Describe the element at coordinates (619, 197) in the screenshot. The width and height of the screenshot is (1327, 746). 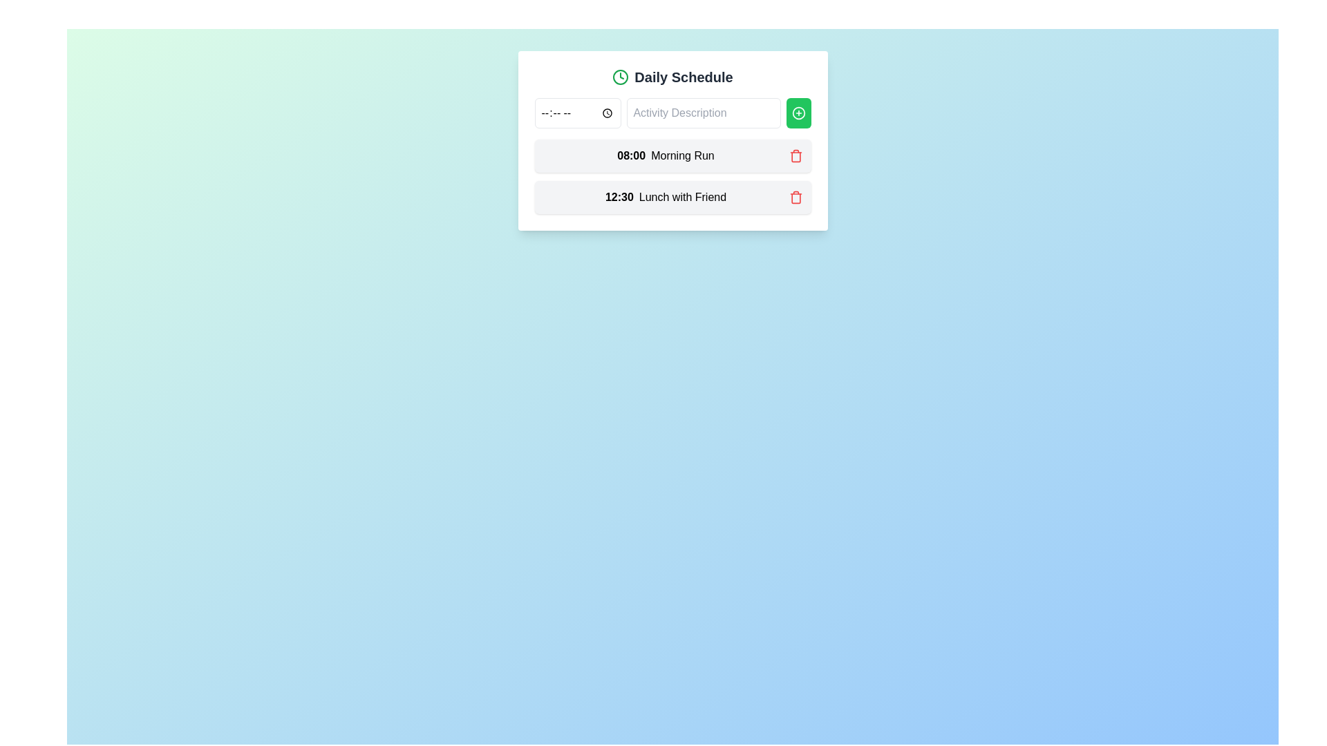
I see `the displayed time '12:30' in the bold black text label located near the top-left corner of the 'Lunch with Friend' description in the 'Daily Schedule' section` at that location.